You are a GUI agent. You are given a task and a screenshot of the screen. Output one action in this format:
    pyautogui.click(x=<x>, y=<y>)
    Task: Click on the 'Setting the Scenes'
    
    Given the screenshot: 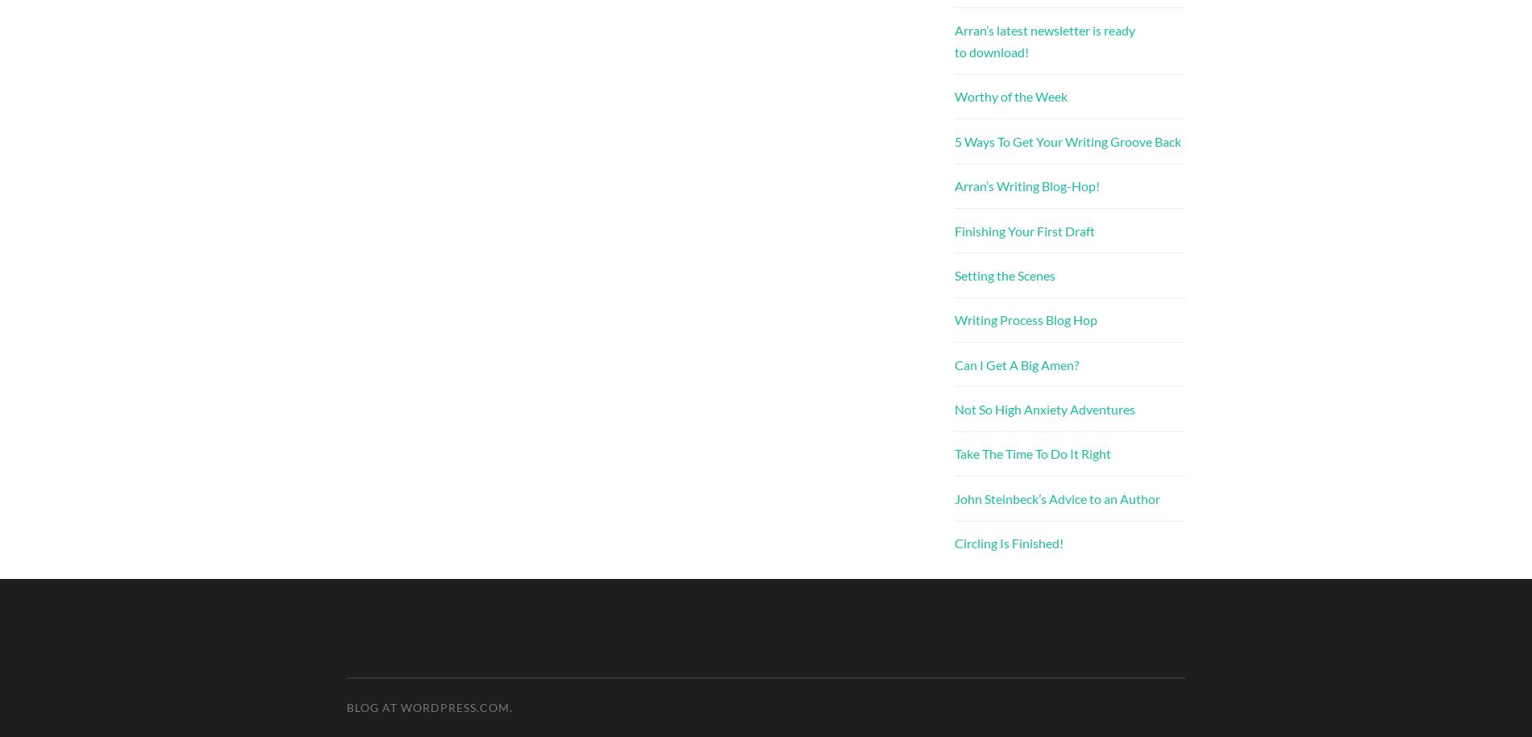 What is the action you would take?
    pyautogui.click(x=1004, y=273)
    